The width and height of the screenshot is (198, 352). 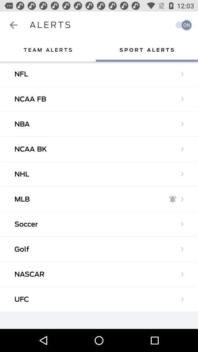 I want to click on the item to the right of alerts app, so click(x=181, y=25).